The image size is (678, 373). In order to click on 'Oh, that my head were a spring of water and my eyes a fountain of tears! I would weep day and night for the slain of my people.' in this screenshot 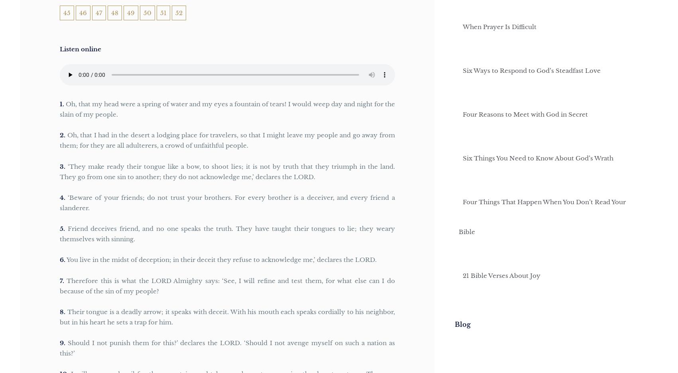, I will do `click(227, 109)`.